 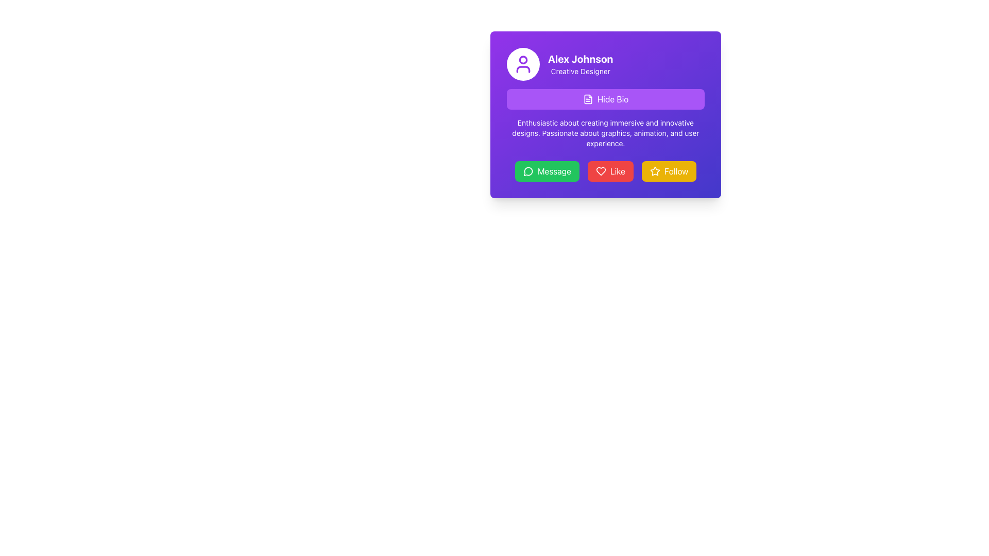 What do you see at coordinates (601, 170) in the screenshot?
I see `the heart-shaped 'like' icon within the red 'Like' button` at bounding box center [601, 170].